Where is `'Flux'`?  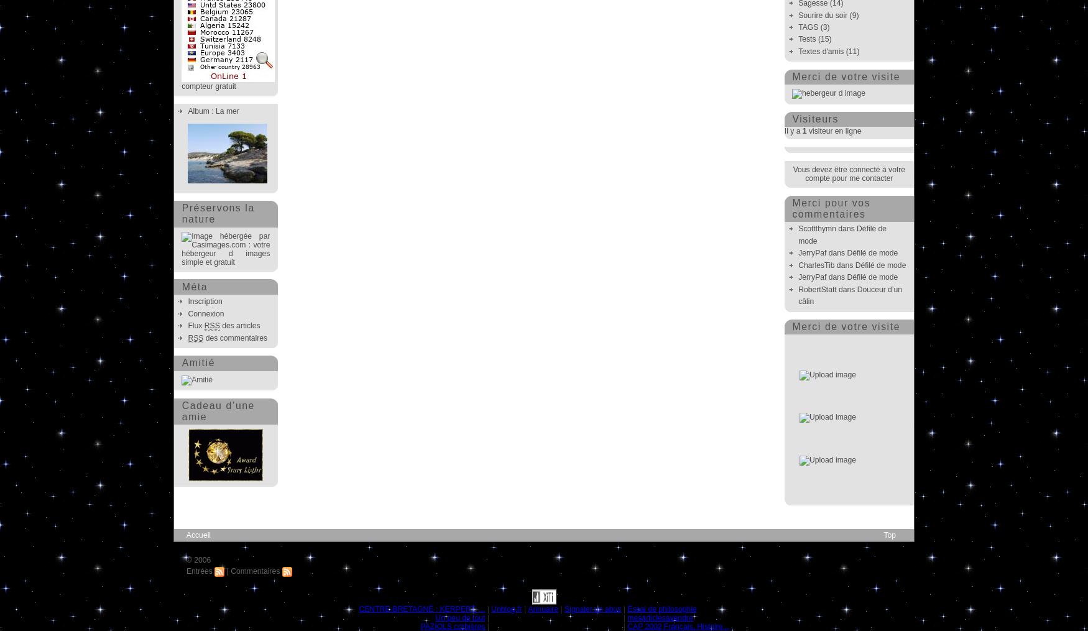 'Flux' is located at coordinates (187, 326).